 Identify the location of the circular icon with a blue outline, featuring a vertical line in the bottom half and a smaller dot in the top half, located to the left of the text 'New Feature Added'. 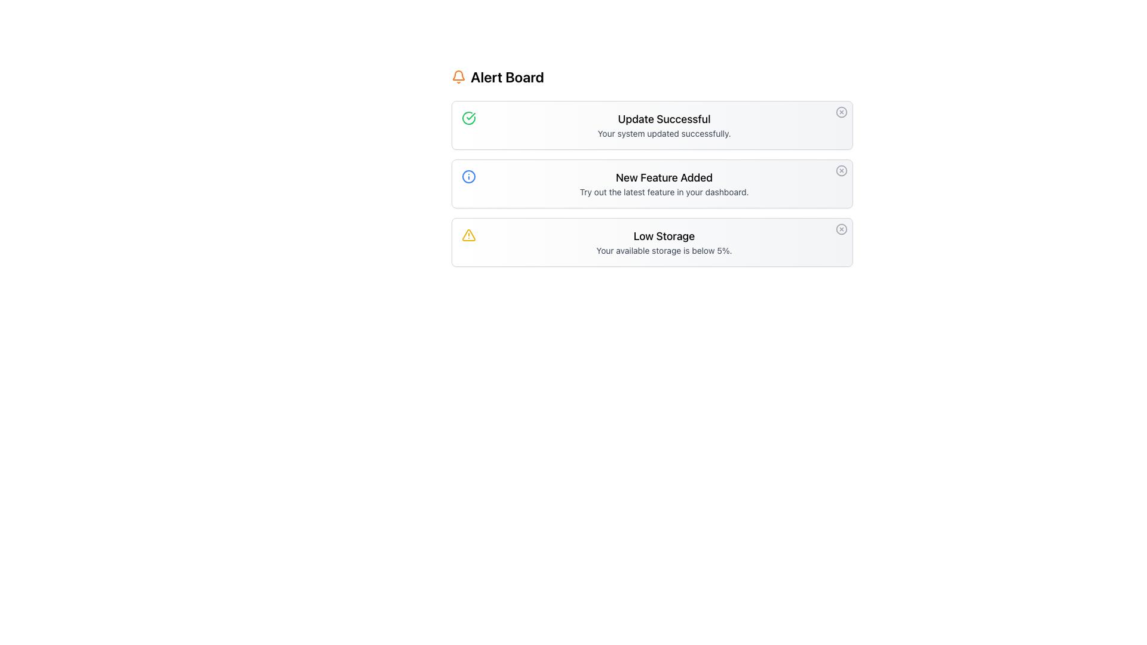
(468, 177).